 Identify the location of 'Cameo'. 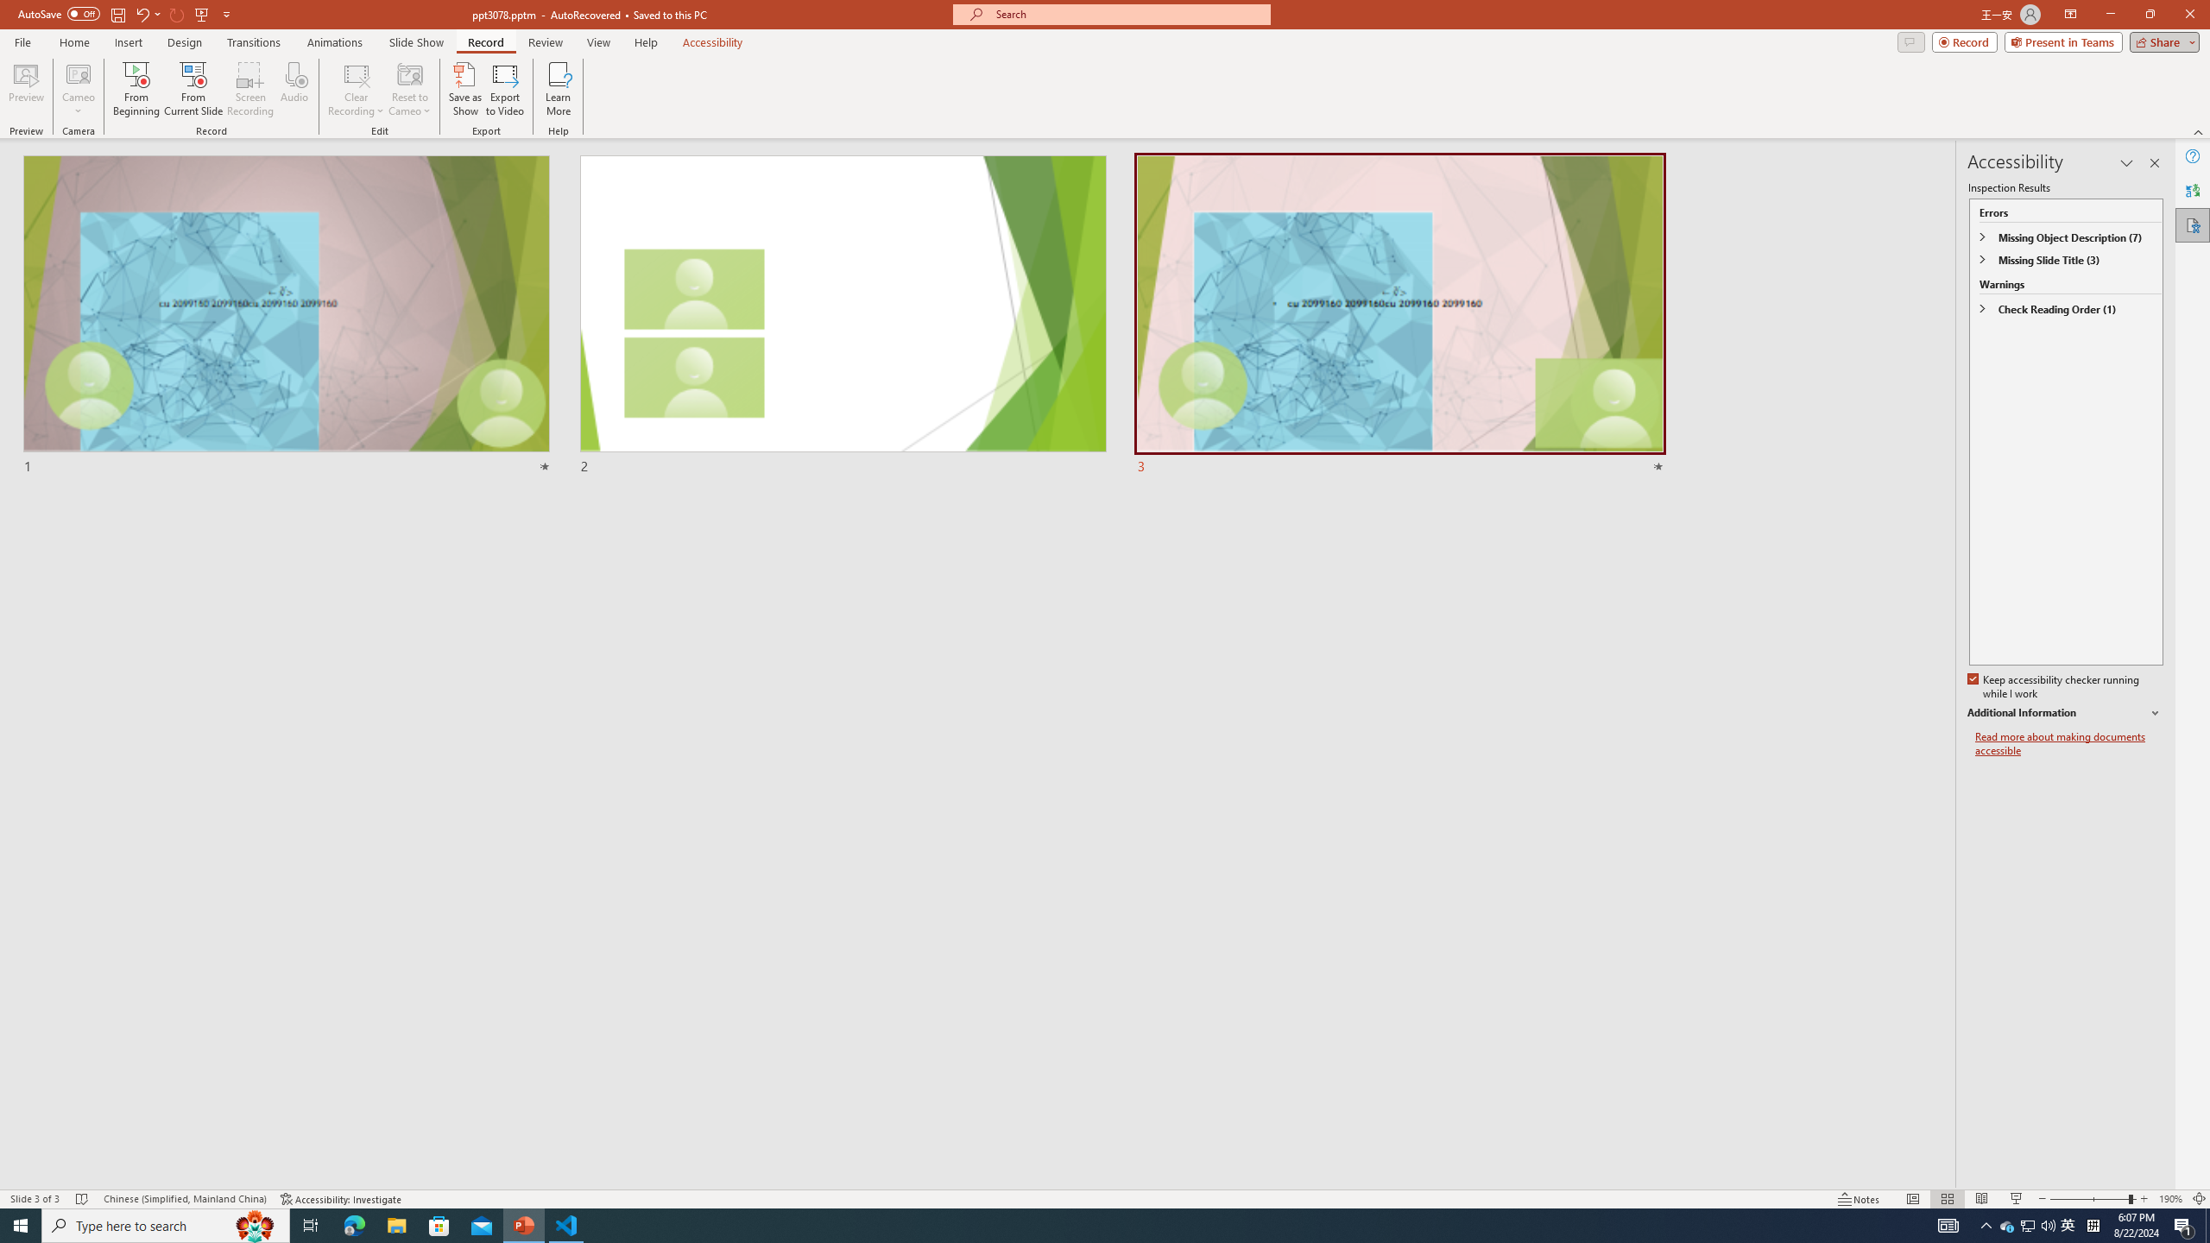
(77, 89).